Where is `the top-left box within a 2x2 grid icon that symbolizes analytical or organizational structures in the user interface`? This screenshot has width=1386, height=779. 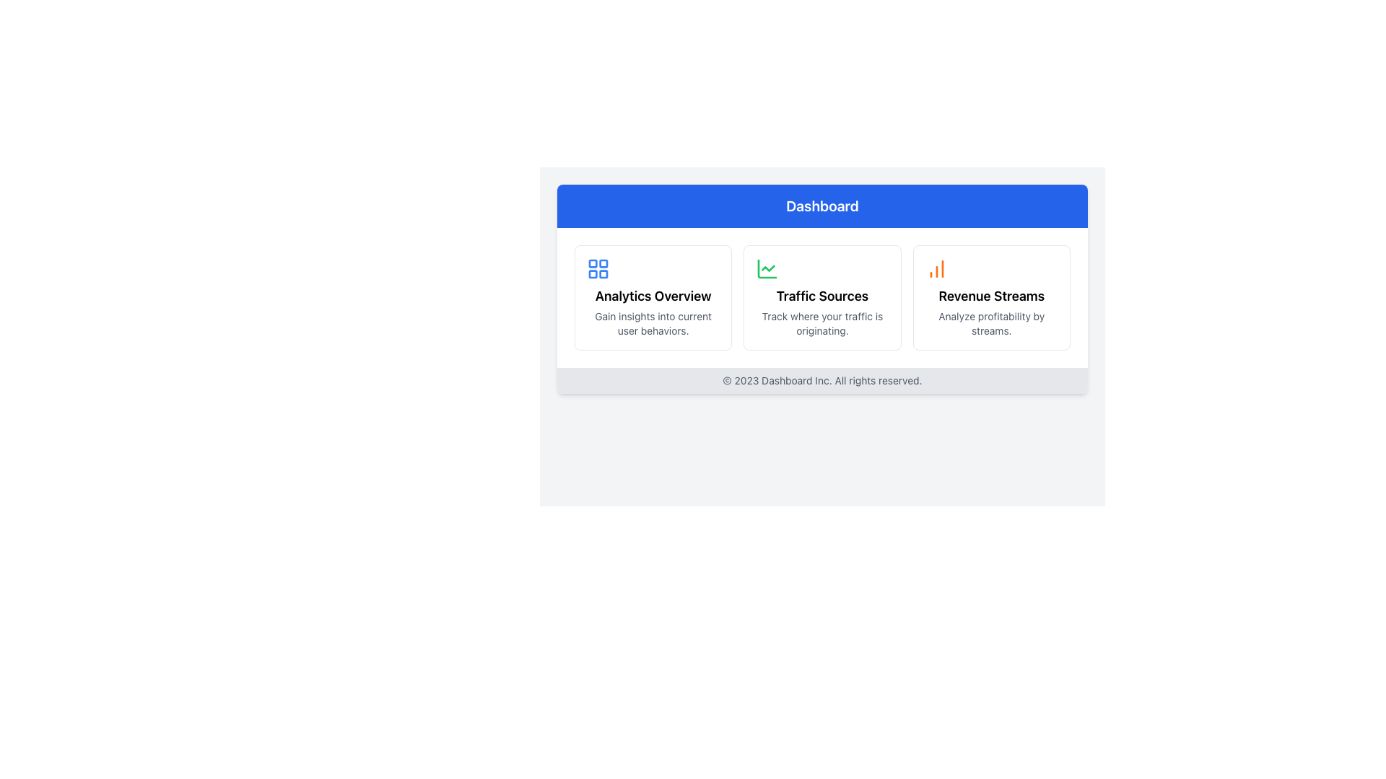
the top-left box within a 2x2 grid icon that symbolizes analytical or organizational structures in the user interface is located at coordinates (593, 263).